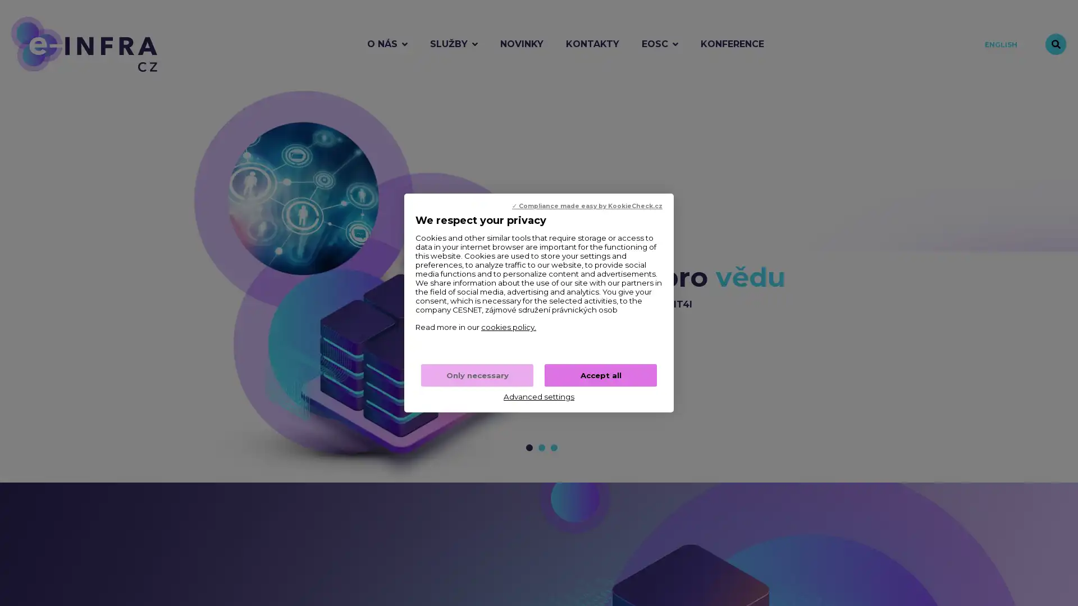 The image size is (1078, 606). What do you see at coordinates (541, 447) in the screenshot?
I see `Prejit na snimek c. 2` at bounding box center [541, 447].